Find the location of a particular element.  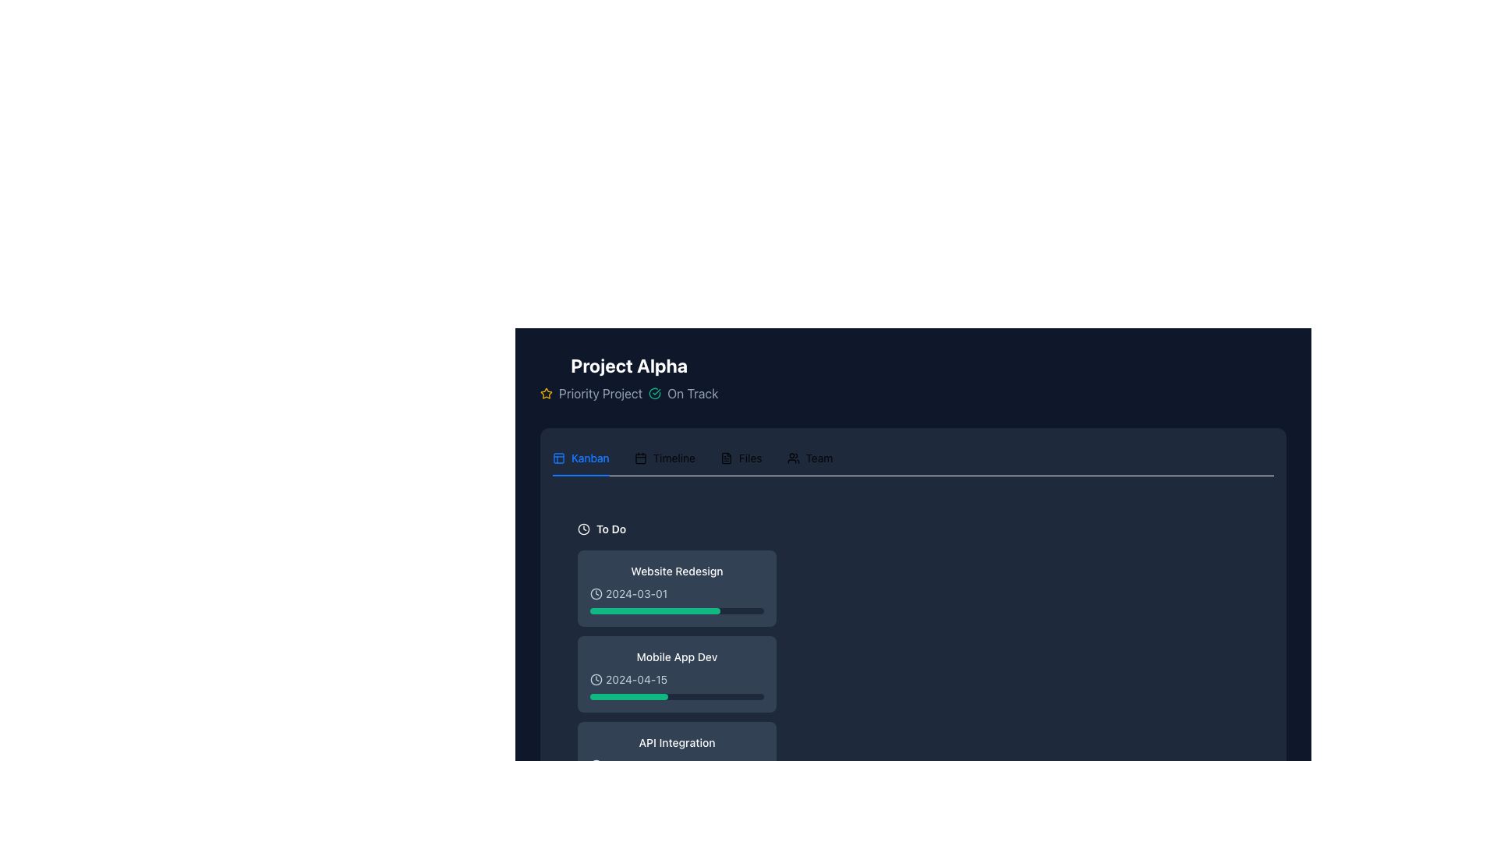

the 'API Integration' task card is located at coordinates (677, 759).